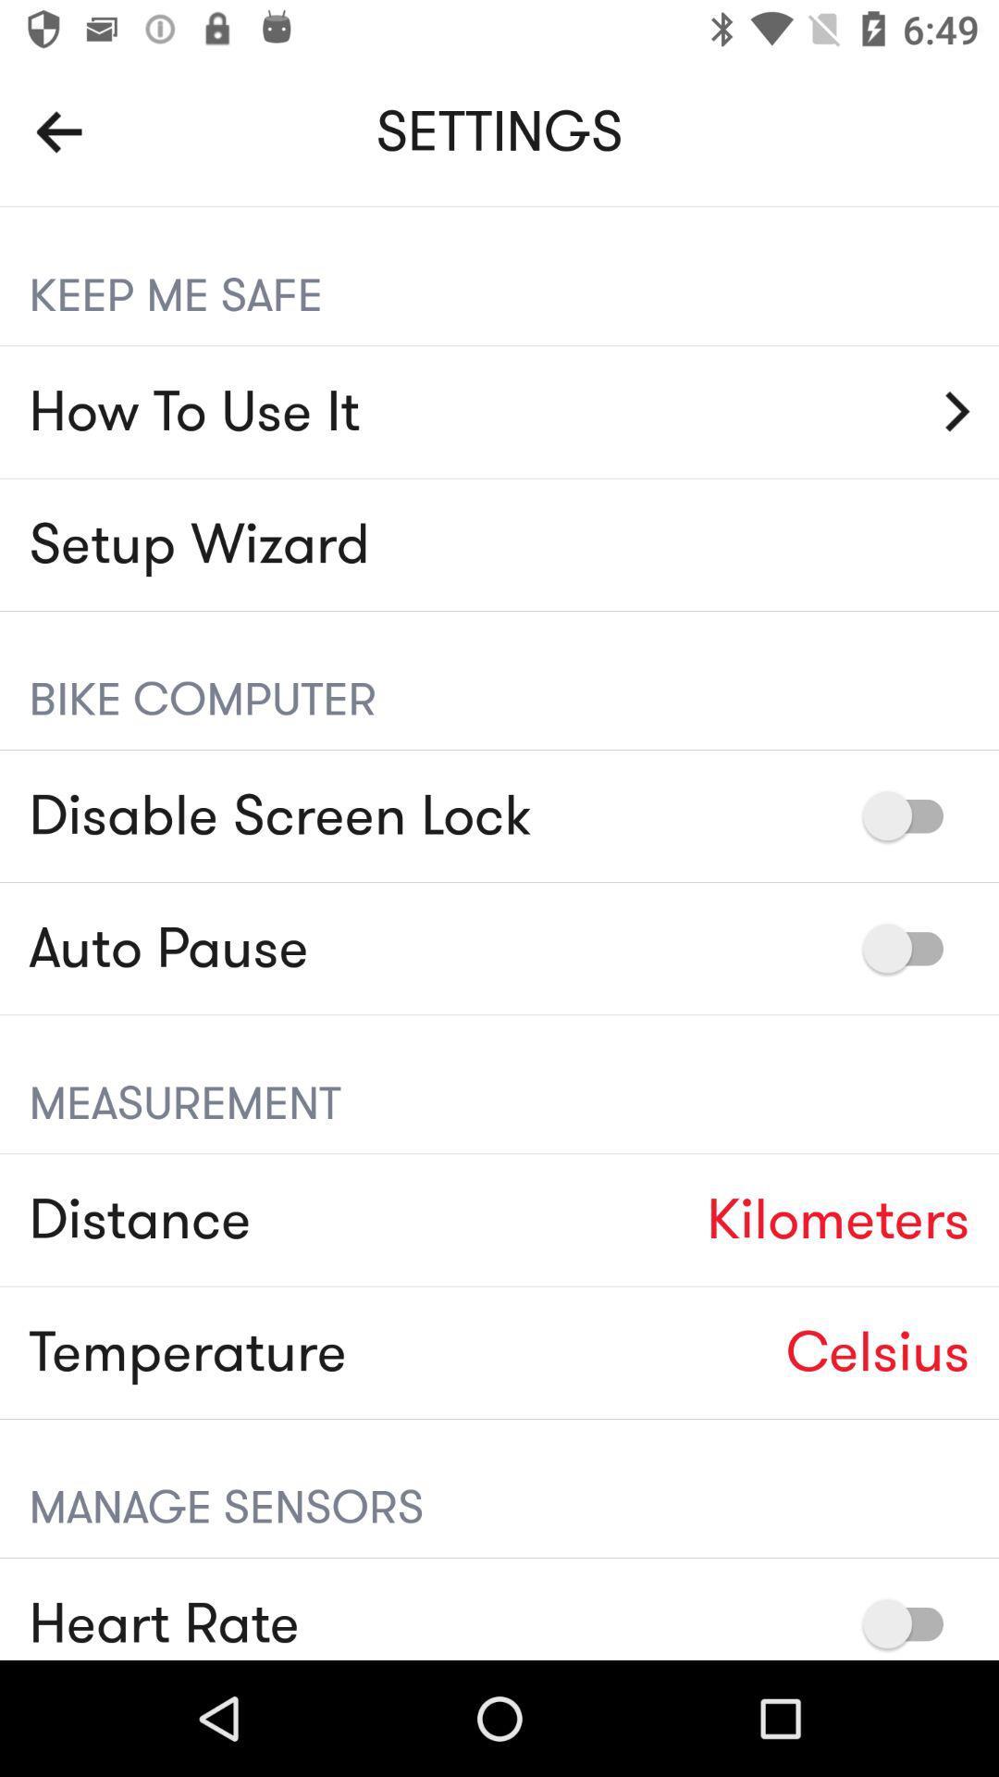 The width and height of the screenshot is (999, 1777). Describe the element at coordinates (58, 130) in the screenshot. I see `the item to the left of settings` at that location.